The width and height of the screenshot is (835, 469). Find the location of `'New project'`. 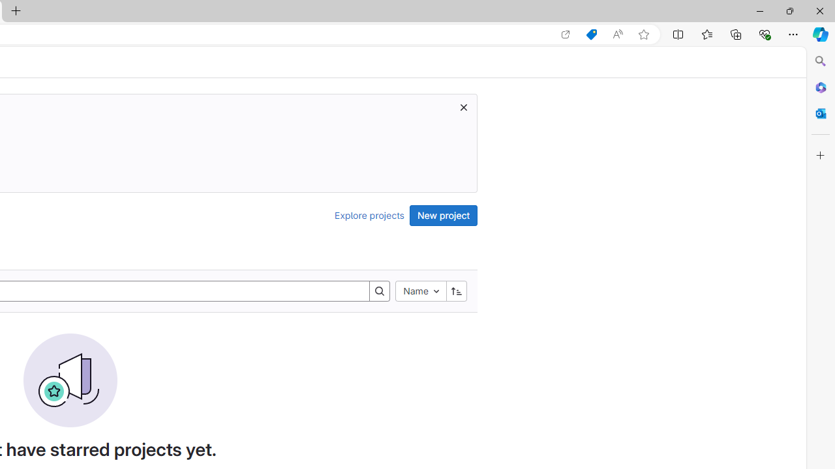

'New project' is located at coordinates (444, 214).